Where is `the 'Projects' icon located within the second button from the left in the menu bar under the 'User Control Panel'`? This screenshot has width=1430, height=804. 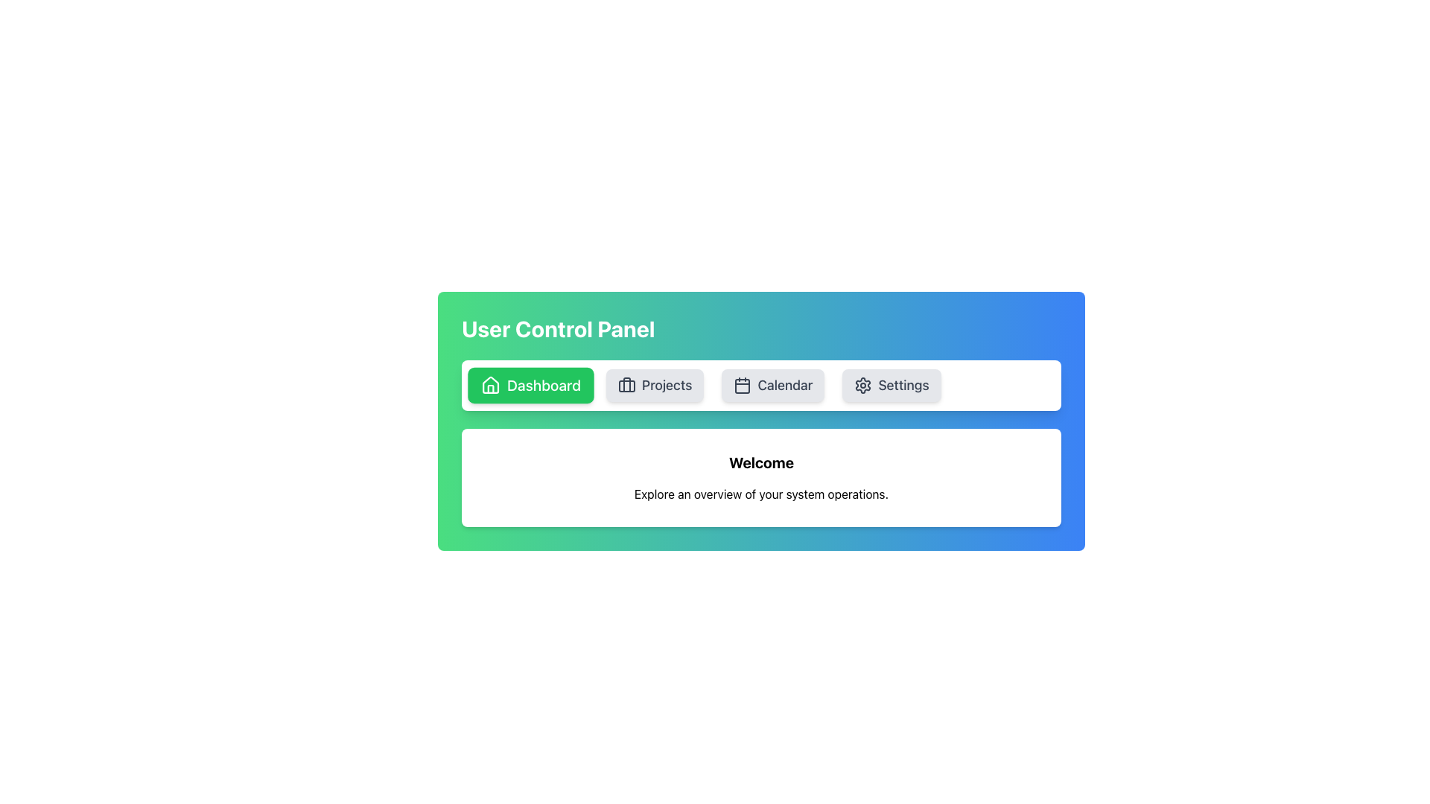 the 'Projects' icon located within the second button from the left in the menu bar under the 'User Control Panel' is located at coordinates (626, 384).